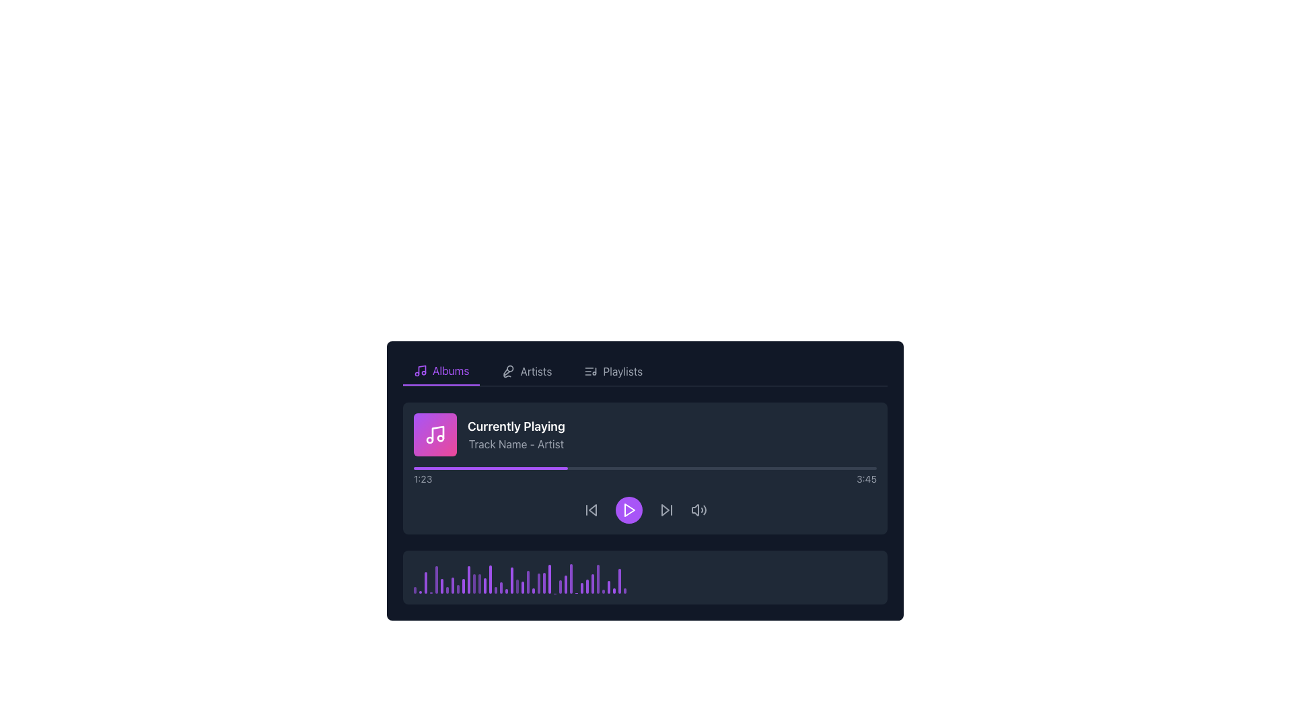 Image resolution: width=1292 pixels, height=727 pixels. What do you see at coordinates (507, 371) in the screenshot?
I see `the icon representing the 'Artists' section in the horizontal menu bar, located to the left of the 'Artists' text label` at bounding box center [507, 371].